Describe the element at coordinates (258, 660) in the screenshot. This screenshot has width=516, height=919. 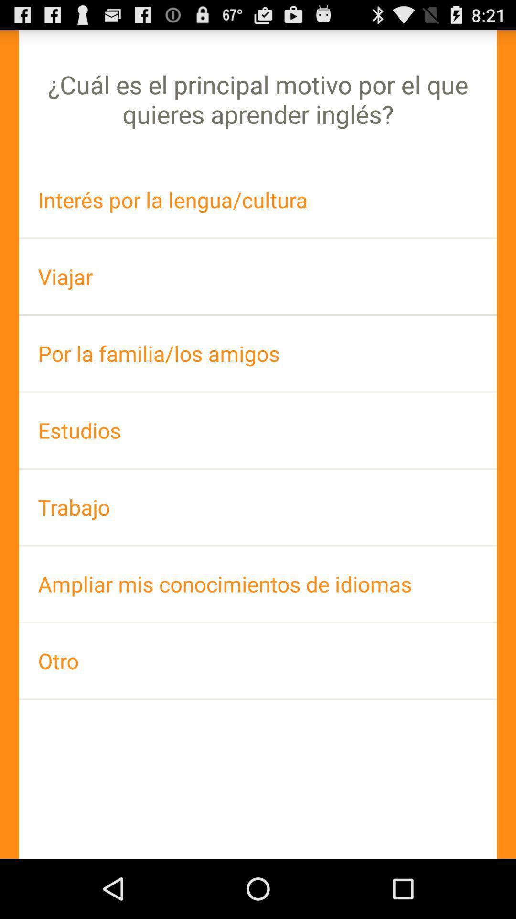
I see `otro icon` at that location.